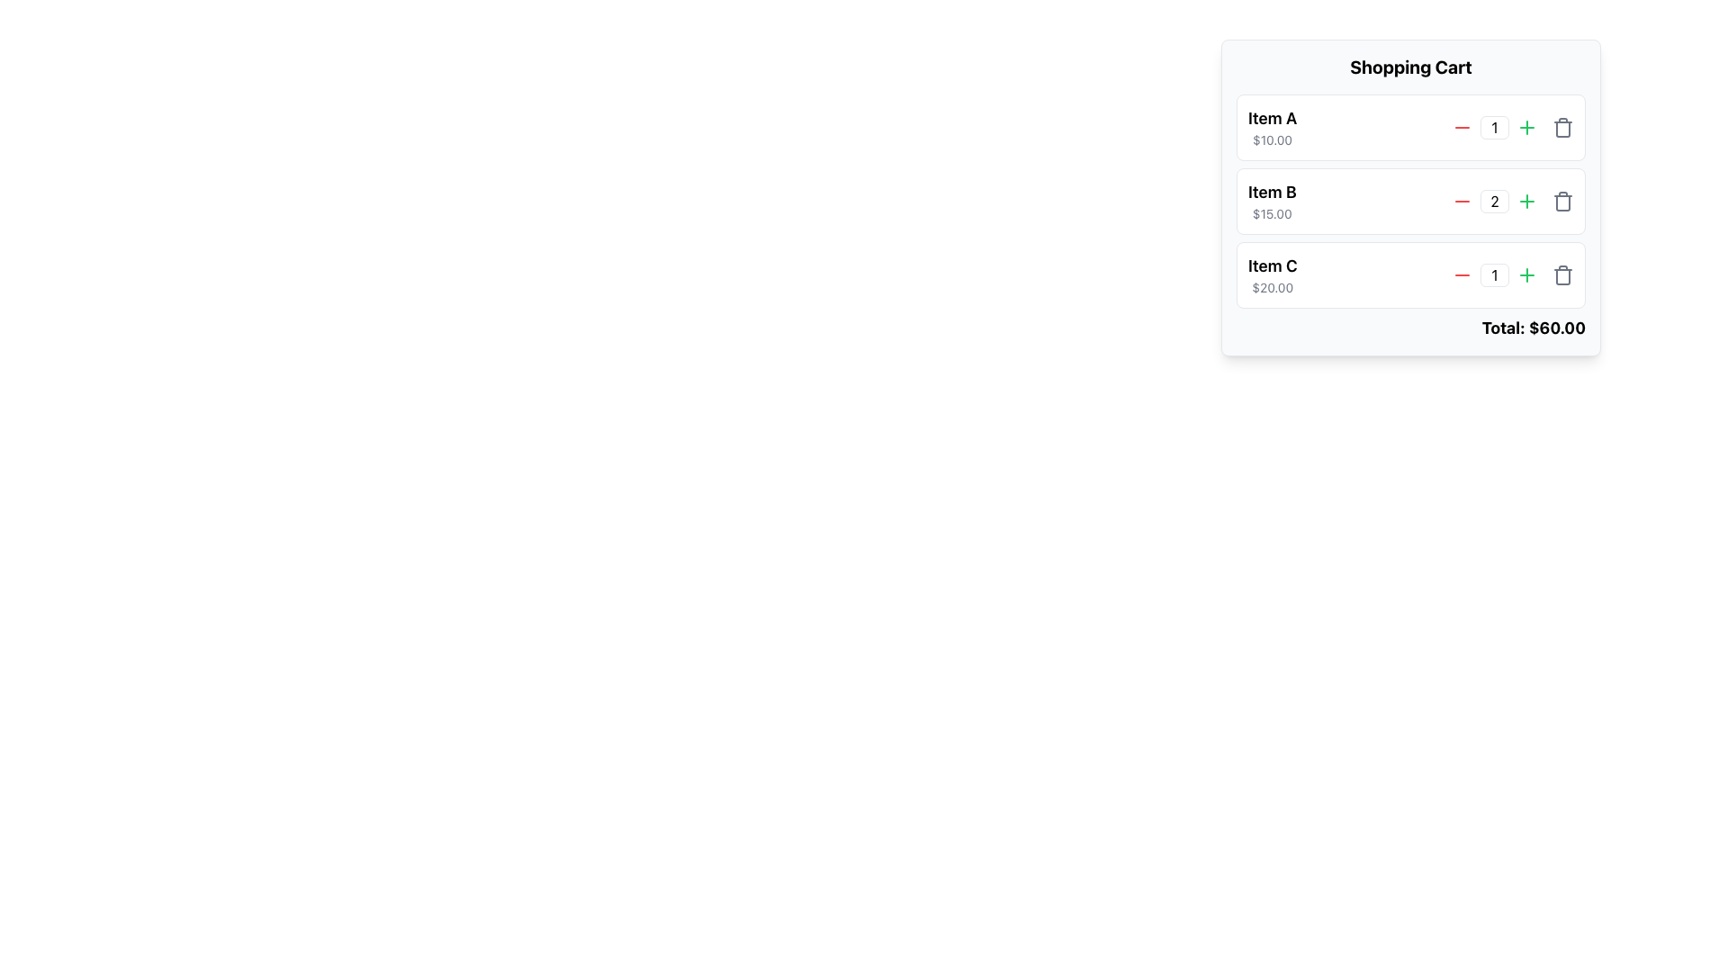 The image size is (1728, 972). What do you see at coordinates (1494, 127) in the screenshot?
I see `the text input box in the shopping cart to focus on it for editing the item quantity` at bounding box center [1494, 127].